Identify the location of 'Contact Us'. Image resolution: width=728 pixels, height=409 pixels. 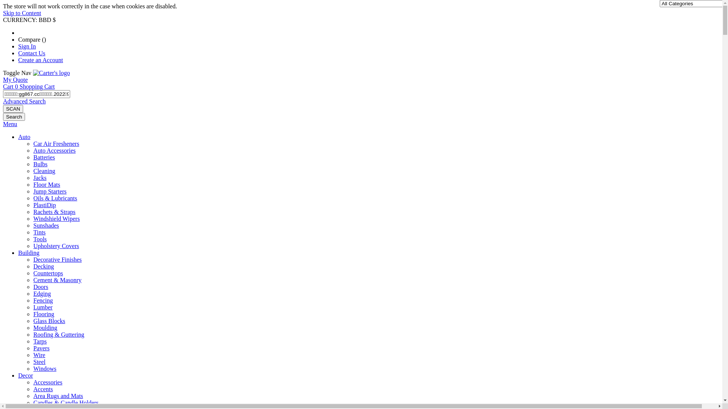
(31, 53).